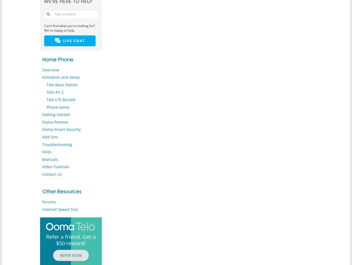 The image size is (352, 265). Describe the element at coordinates (41, 77) in the screenshot. I see `'Activation and Setup'` at that location.